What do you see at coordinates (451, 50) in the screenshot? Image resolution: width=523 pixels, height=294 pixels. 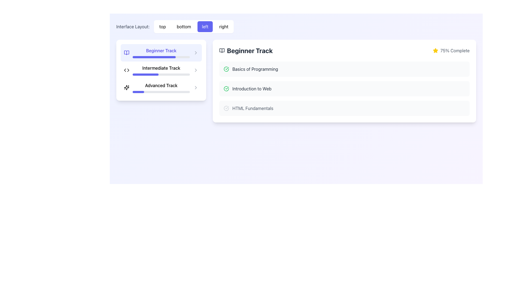 I see `text displayed in the Progress Indicator located in the top-right corner of the 'Beginner Track' section, which indicates that 75% of the objectives have been completed` at bounding box center [451, 50].